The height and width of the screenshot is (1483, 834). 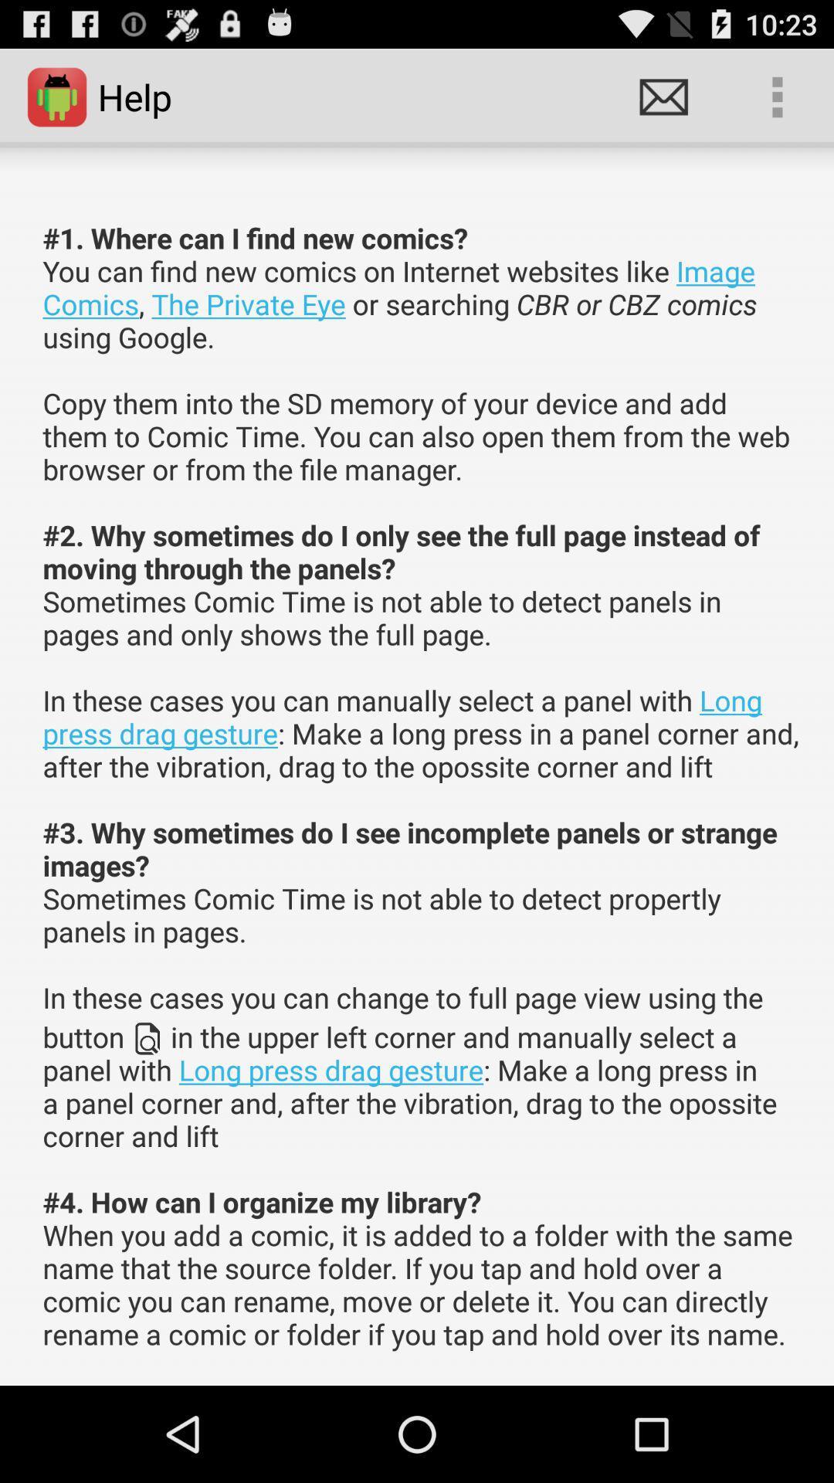 I want to click on the app above 1 where can icon, so click(x=777, y=96).